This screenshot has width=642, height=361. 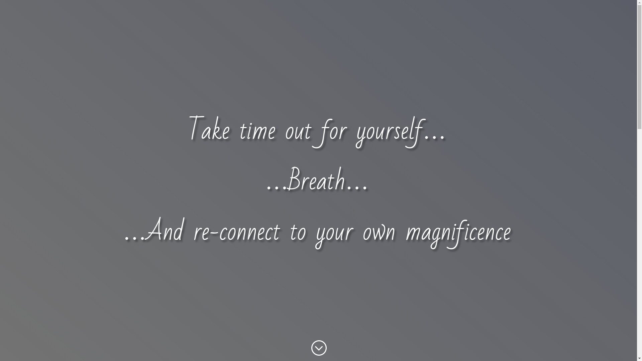 I want to click on ';', so click(x=318, y=348).